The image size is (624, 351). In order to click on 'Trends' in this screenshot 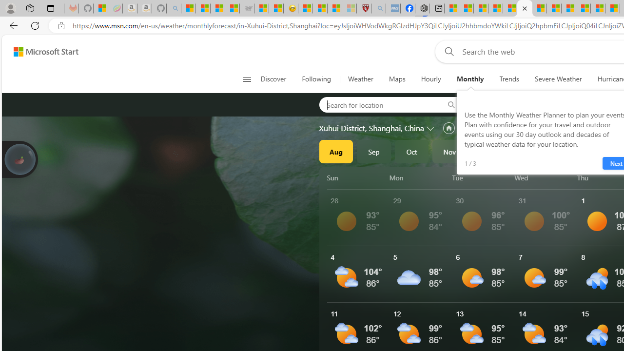, I will do `click(508, 79)`.